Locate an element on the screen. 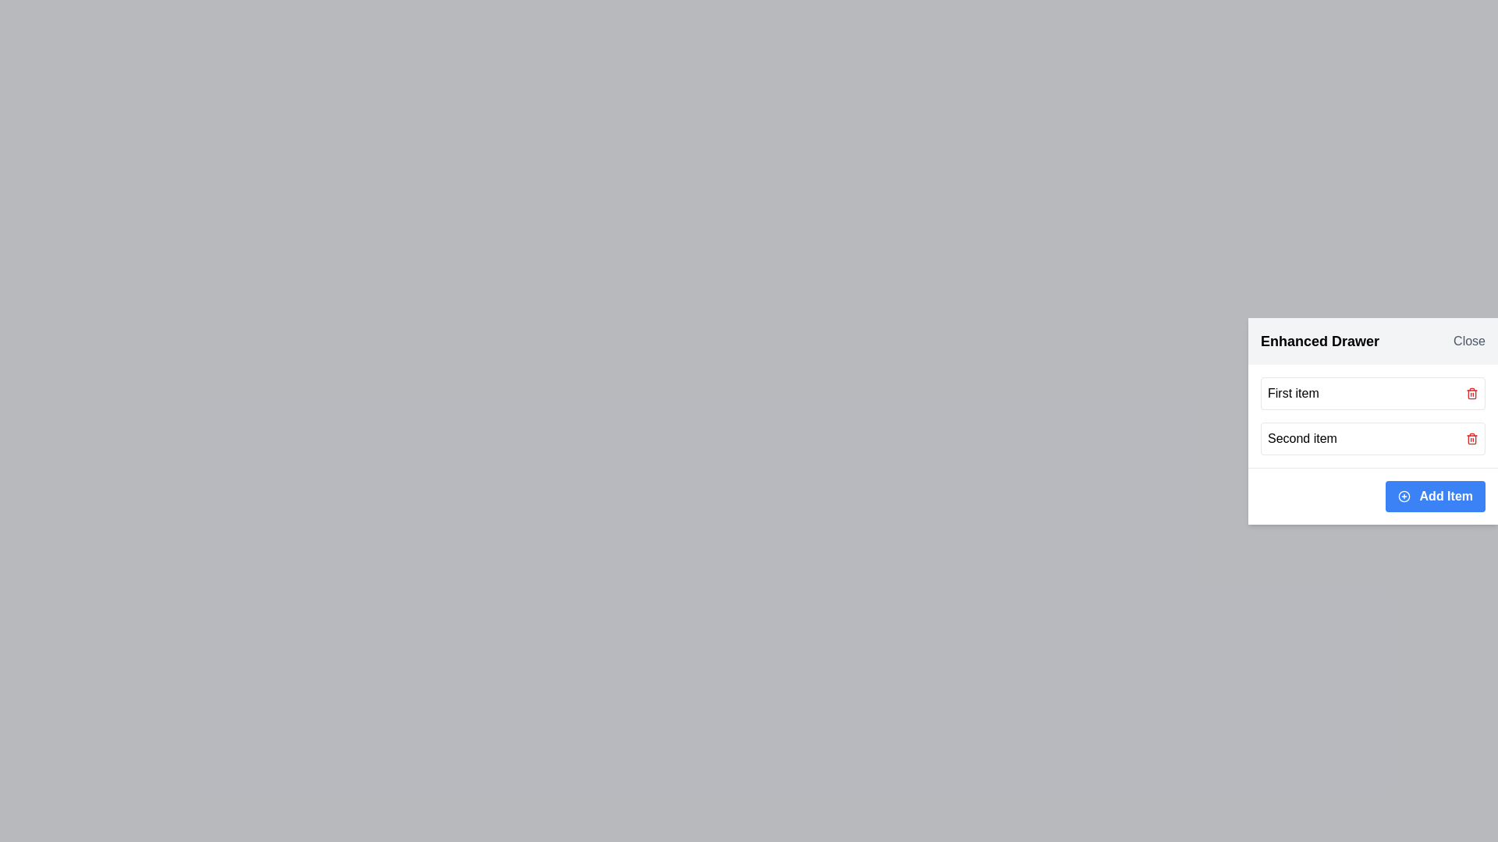  the delete icon button associated with 'First item' is located at coordinates (1471, 392).